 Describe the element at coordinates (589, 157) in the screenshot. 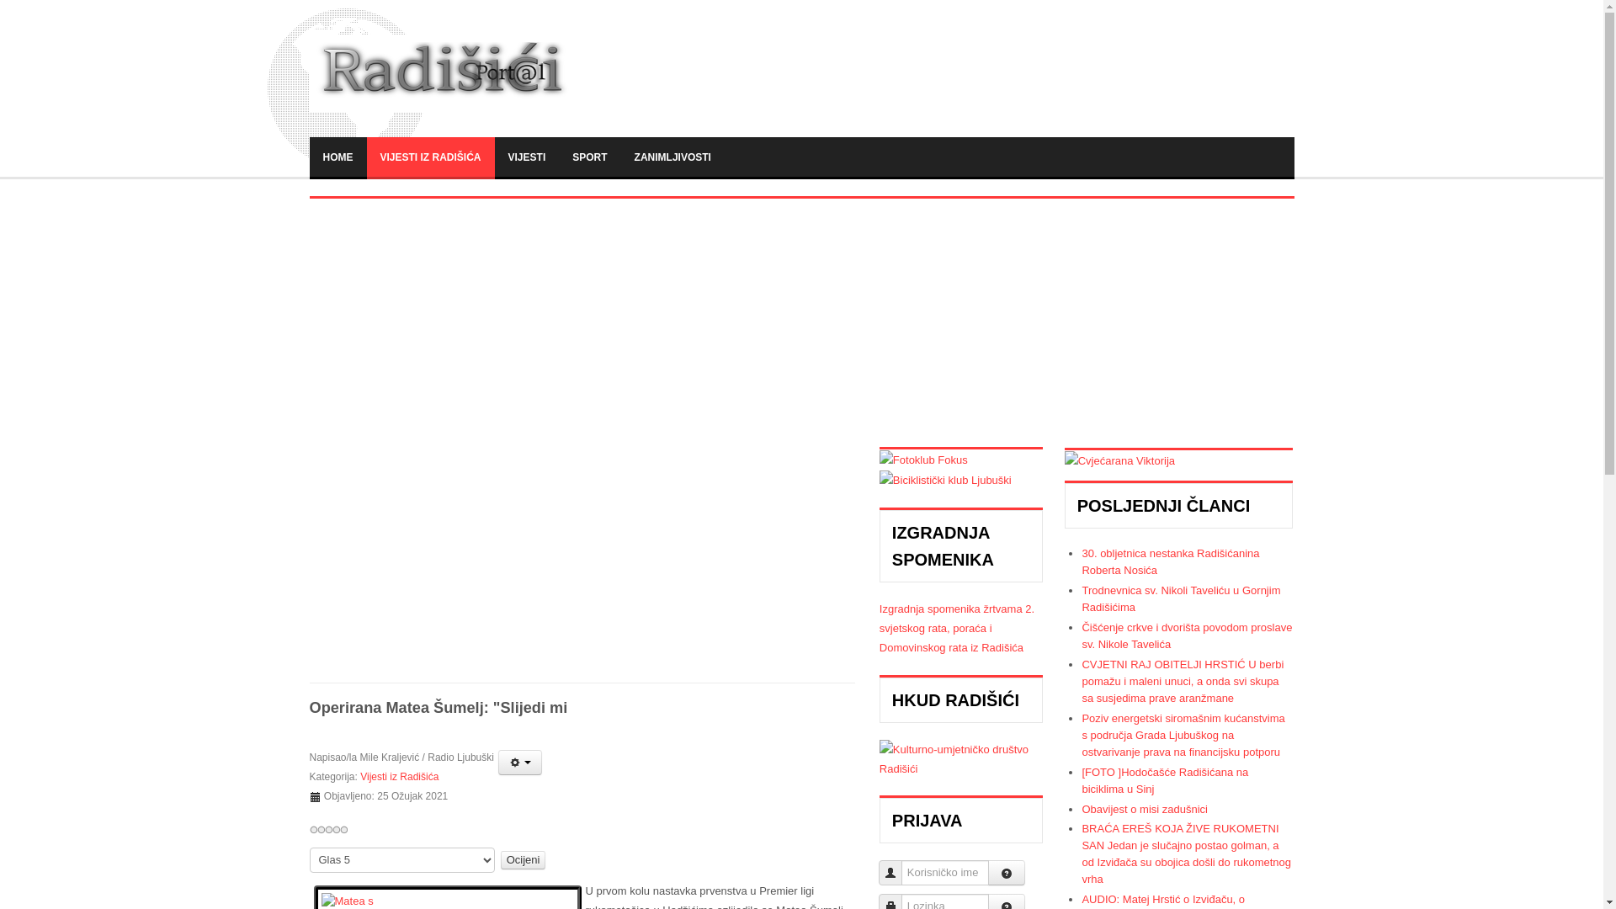

I see `'SPORT'` at that location.